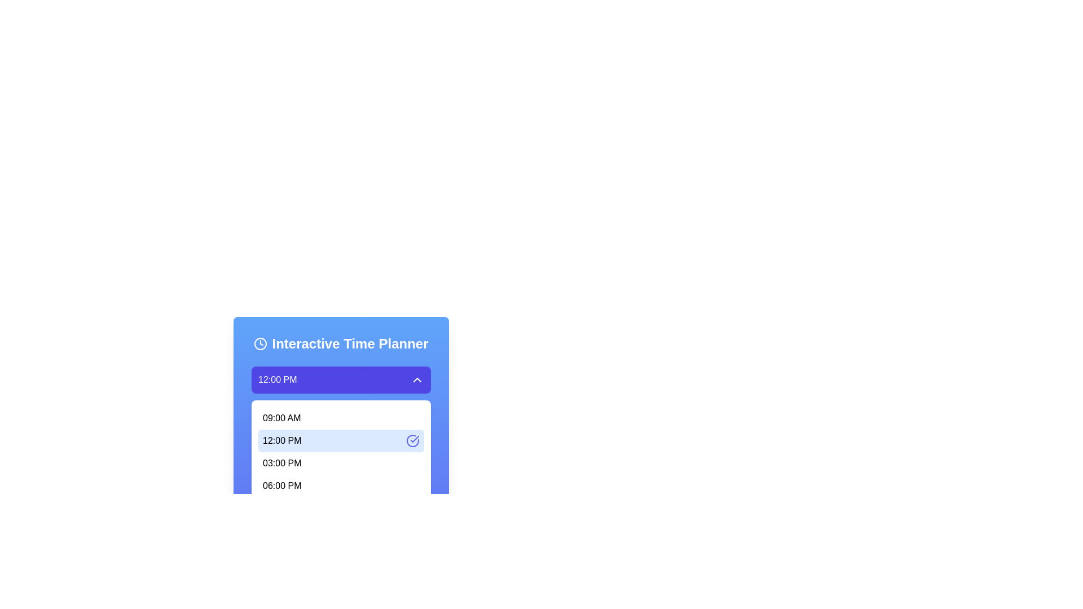  Describe the element at coordinates (340, 440) in the screenshot. I see `the currently selected time slot option in the time picker interface, which is the second item in the list located between '09:00 AM' and '03:00 PM'` at that location.